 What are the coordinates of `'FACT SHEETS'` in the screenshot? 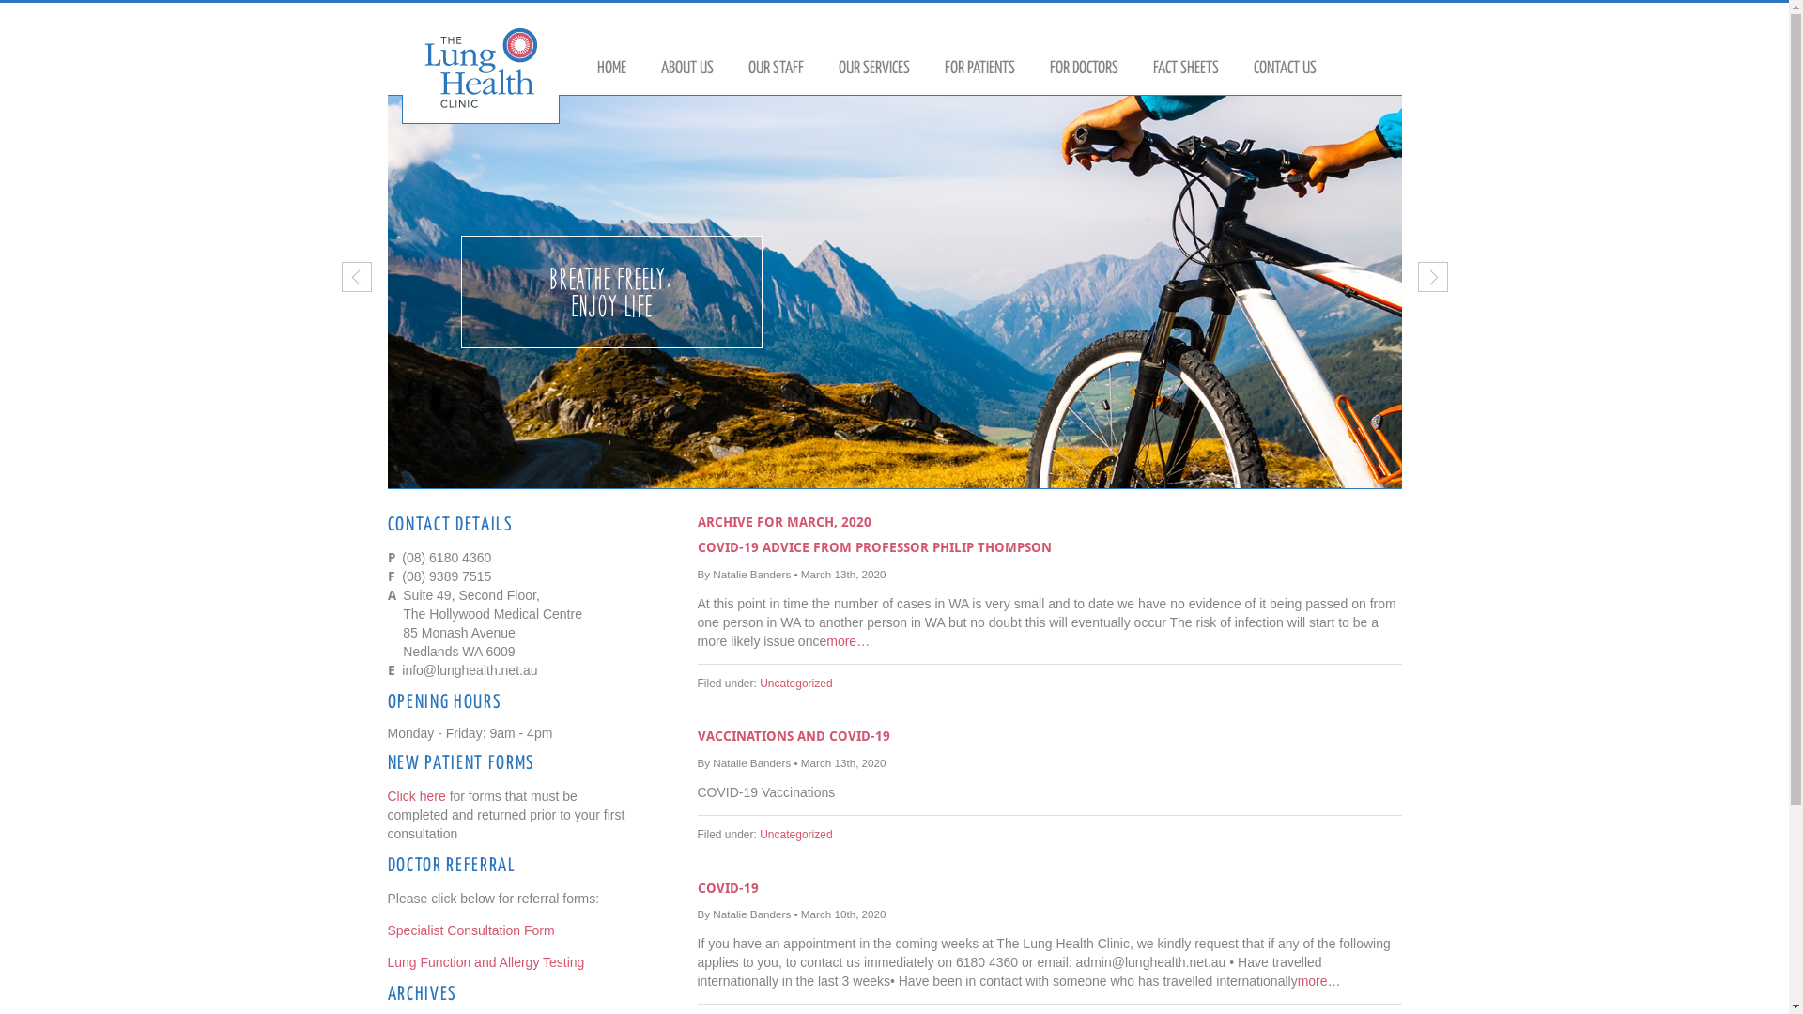 It's located at (1184, 68).